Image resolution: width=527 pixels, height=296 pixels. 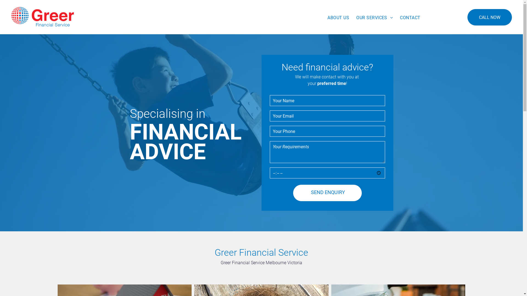 What do you see at coordinates (338, 18) in the screenshot?
I see `'ABOUT US'` at bounding box center [338, 18].